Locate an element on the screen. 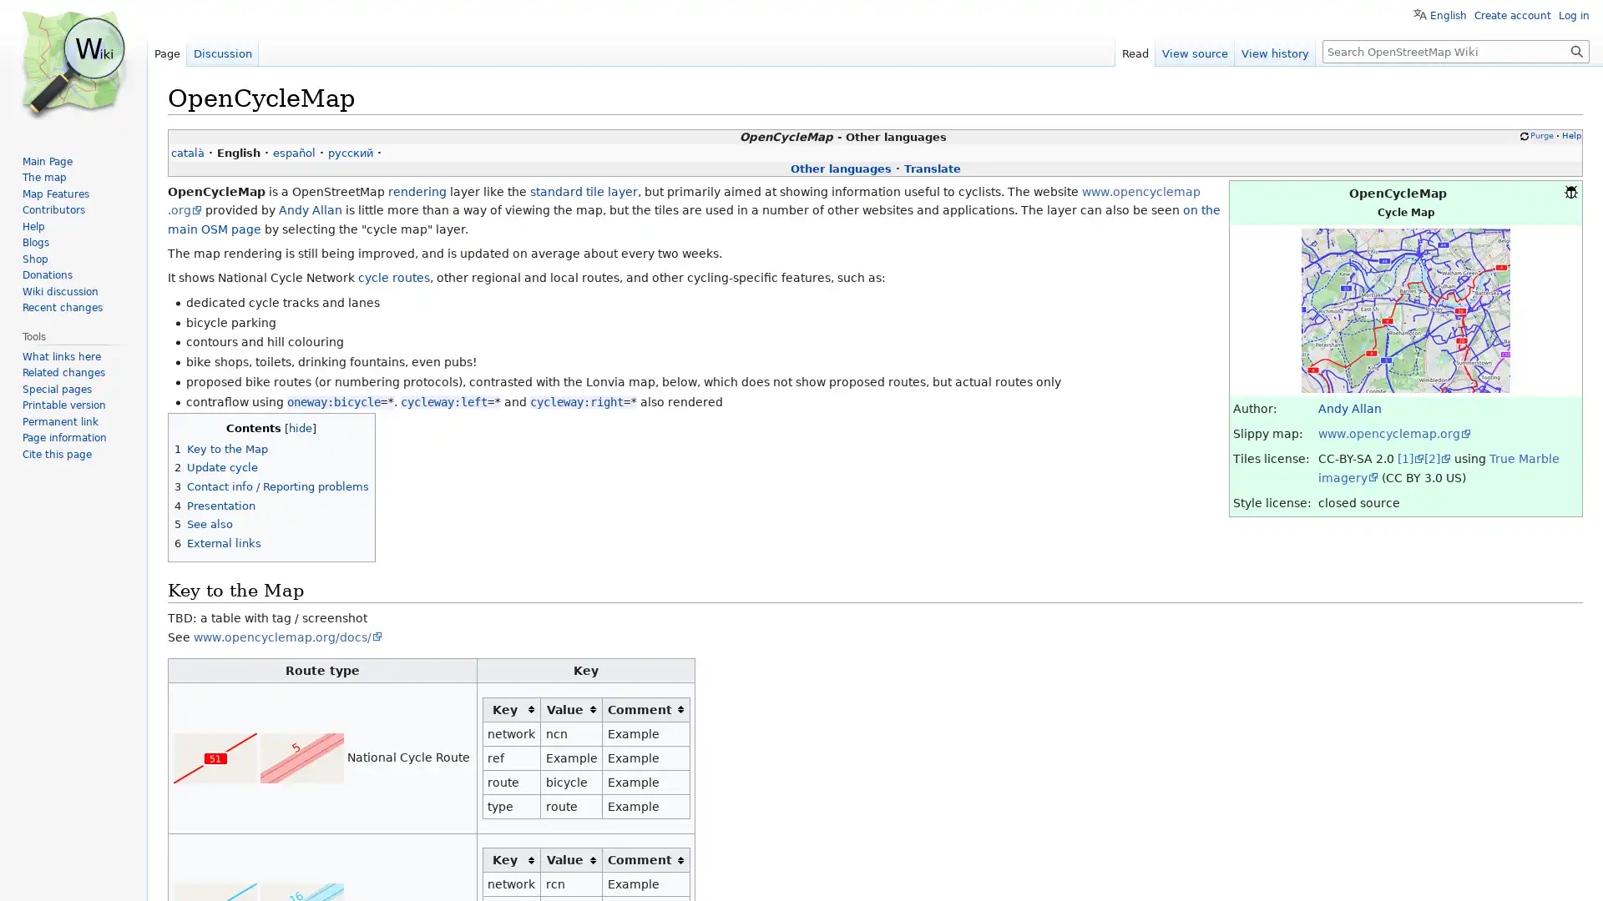 This screenshot has width=1603, height=901. Search is located at coordinates (1576, 50).